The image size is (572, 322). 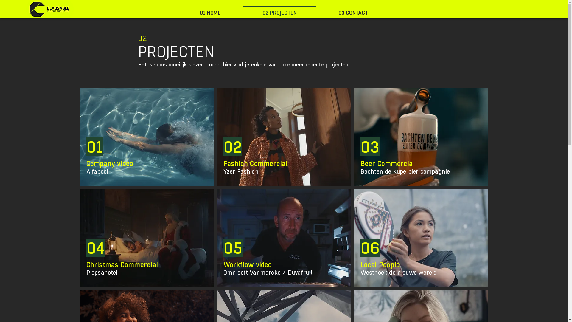 I want to click on 'Alfapool', so click(x=97, y=171).